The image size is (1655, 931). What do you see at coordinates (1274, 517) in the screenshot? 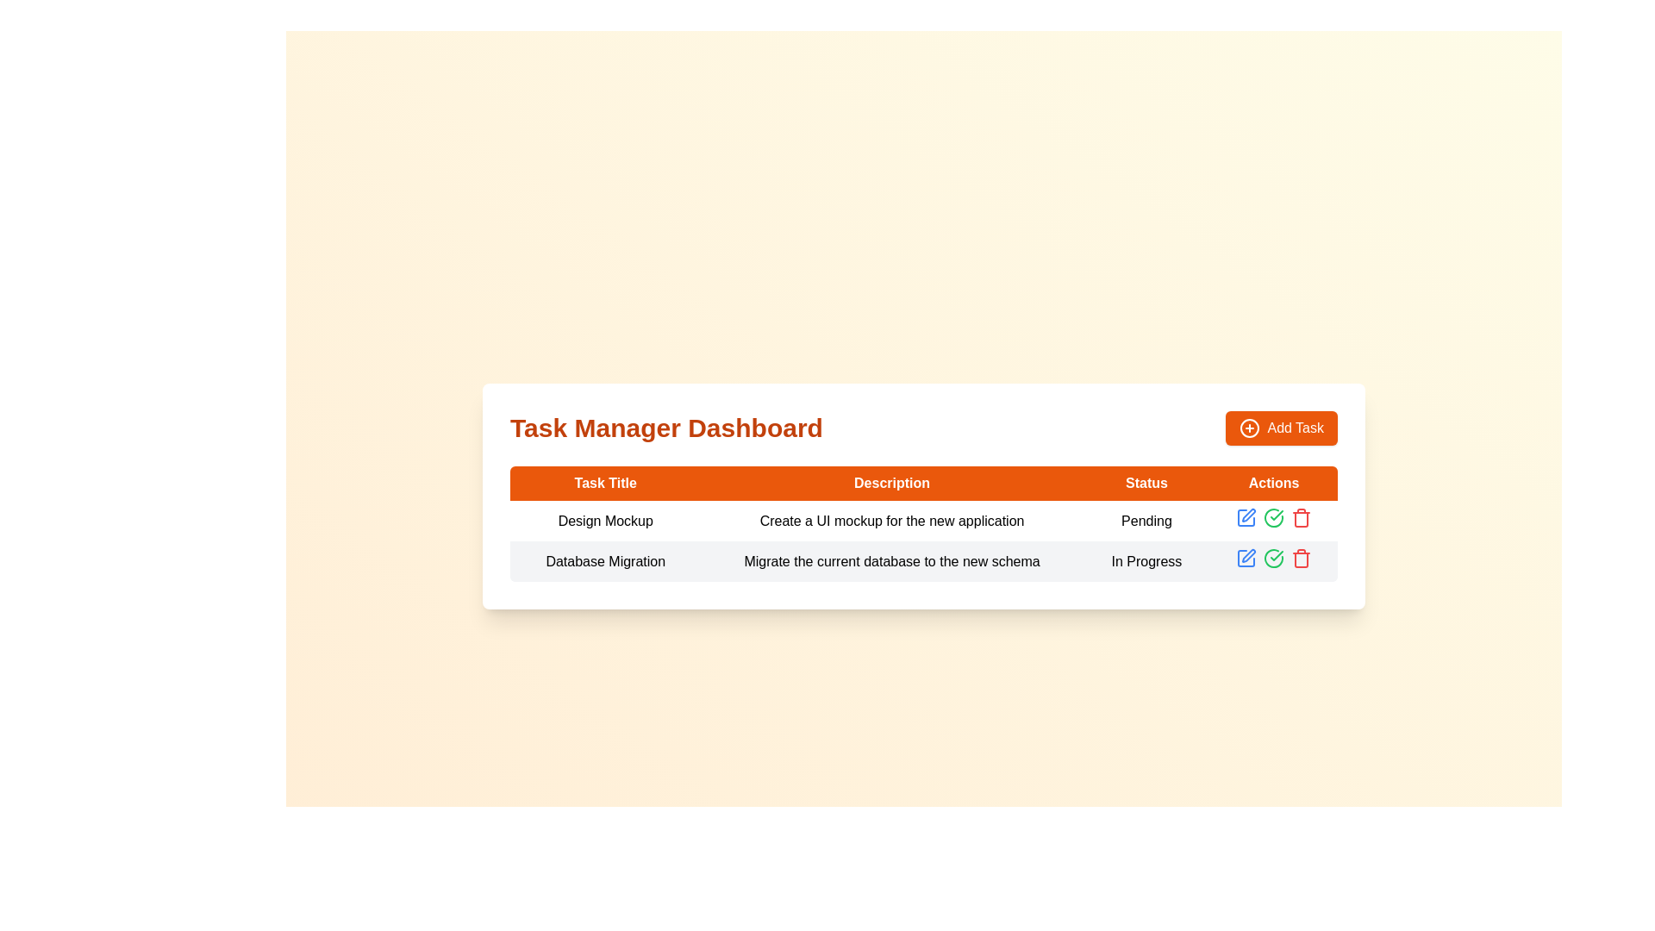
I see `the button with a checkmark icon in the 'Actions' column of the second row in the task table to mark the corresponding task as completed` at bounding box center [1274, 517].